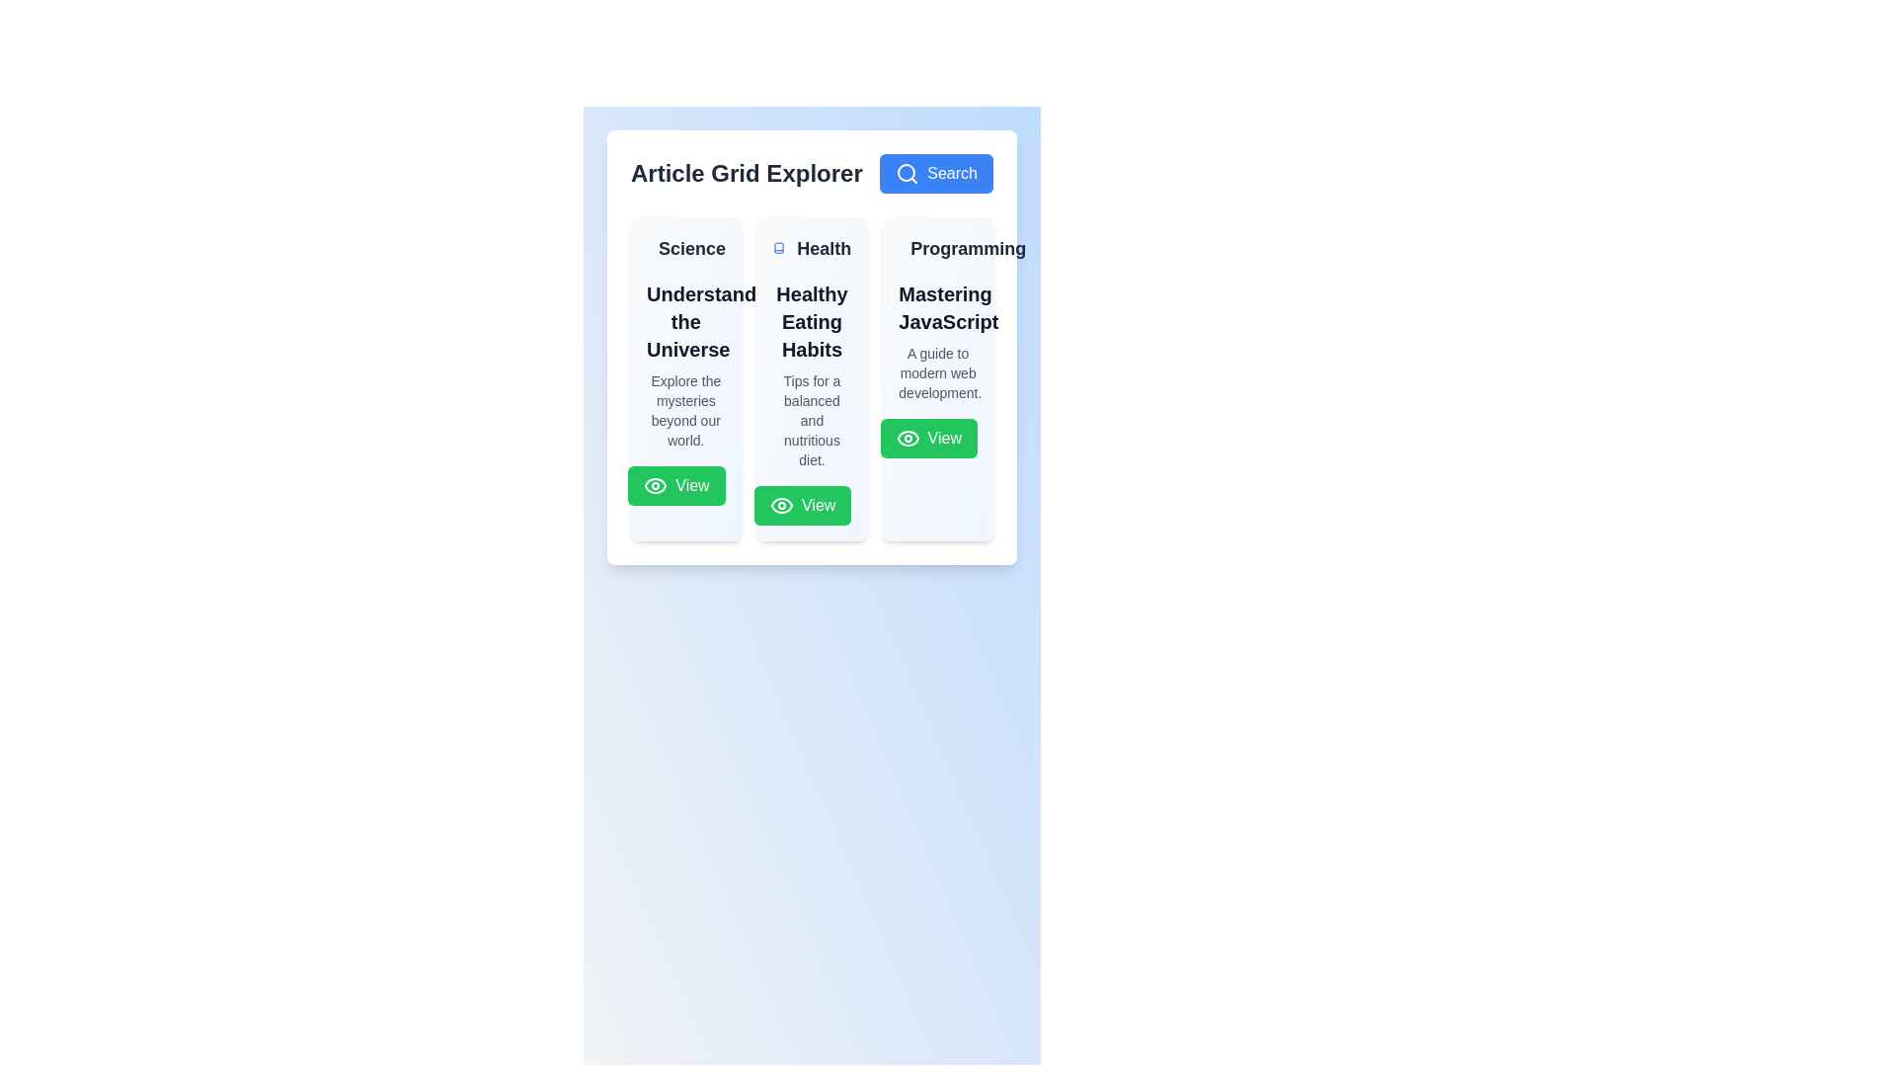 This screenshot has height=1067, width=1896. What do you see at coordinates (812, 505) in the screenshot?
I see `the button located at the bottom-right corner of the card titled 'Healthy Eating Habits'` at bounding box center [812, 505].